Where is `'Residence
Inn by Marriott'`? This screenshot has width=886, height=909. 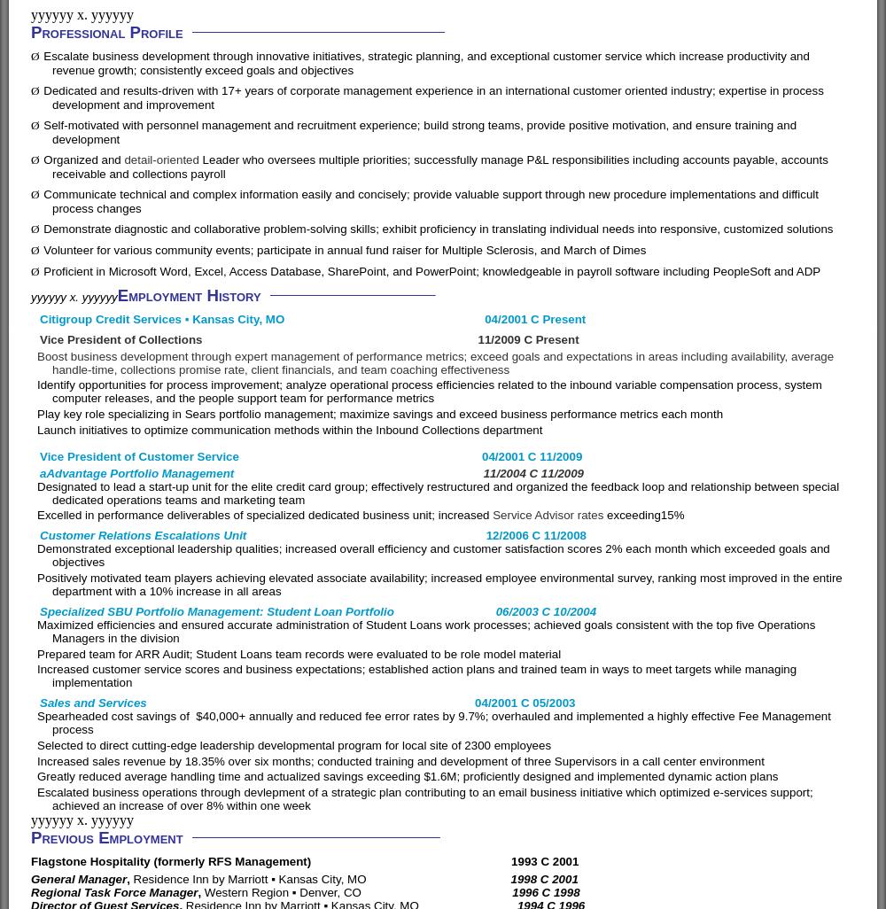 'Residence
Inn by Marriott' is located at coordinates (201, 878).